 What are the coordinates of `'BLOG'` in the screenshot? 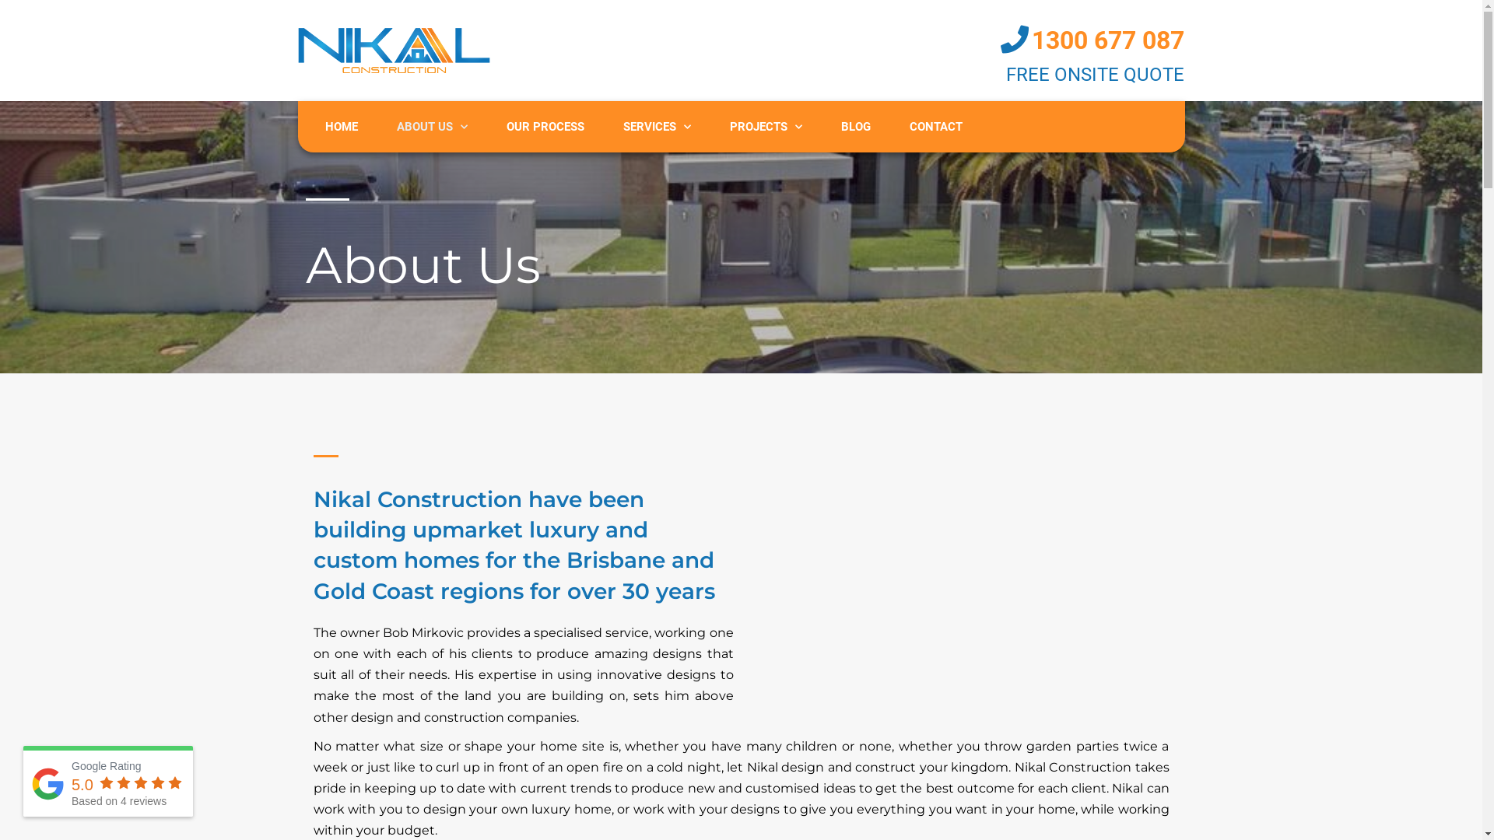 It's located at (854, 125).